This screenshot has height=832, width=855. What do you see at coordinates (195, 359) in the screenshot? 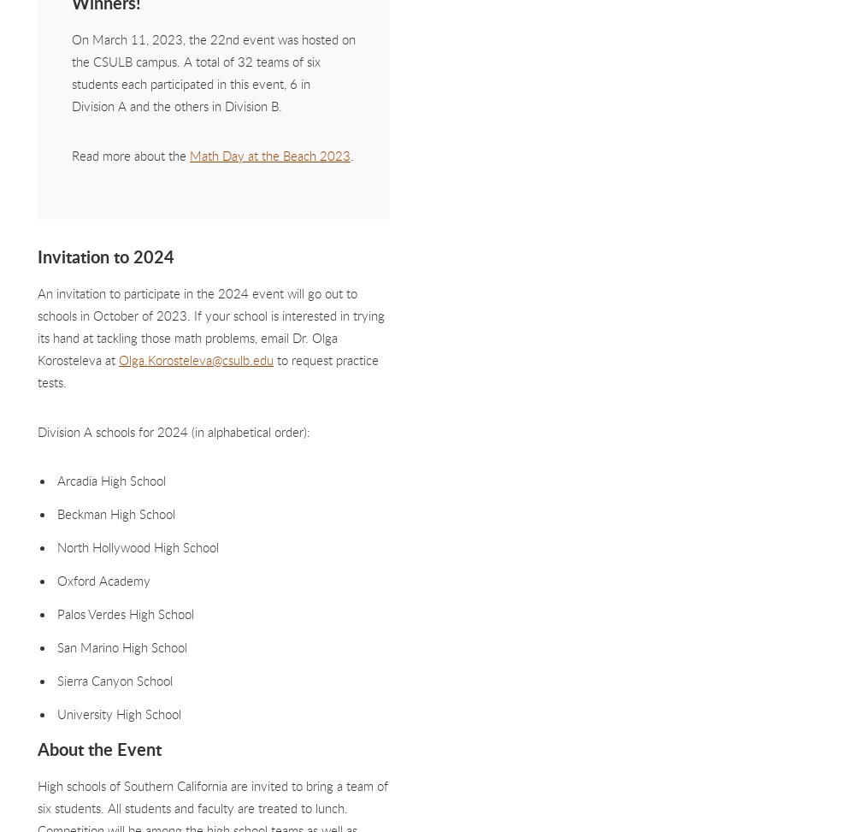
I see `'Olga.Korosteleva@csulb.edu'` at bounding box center [195, 359].